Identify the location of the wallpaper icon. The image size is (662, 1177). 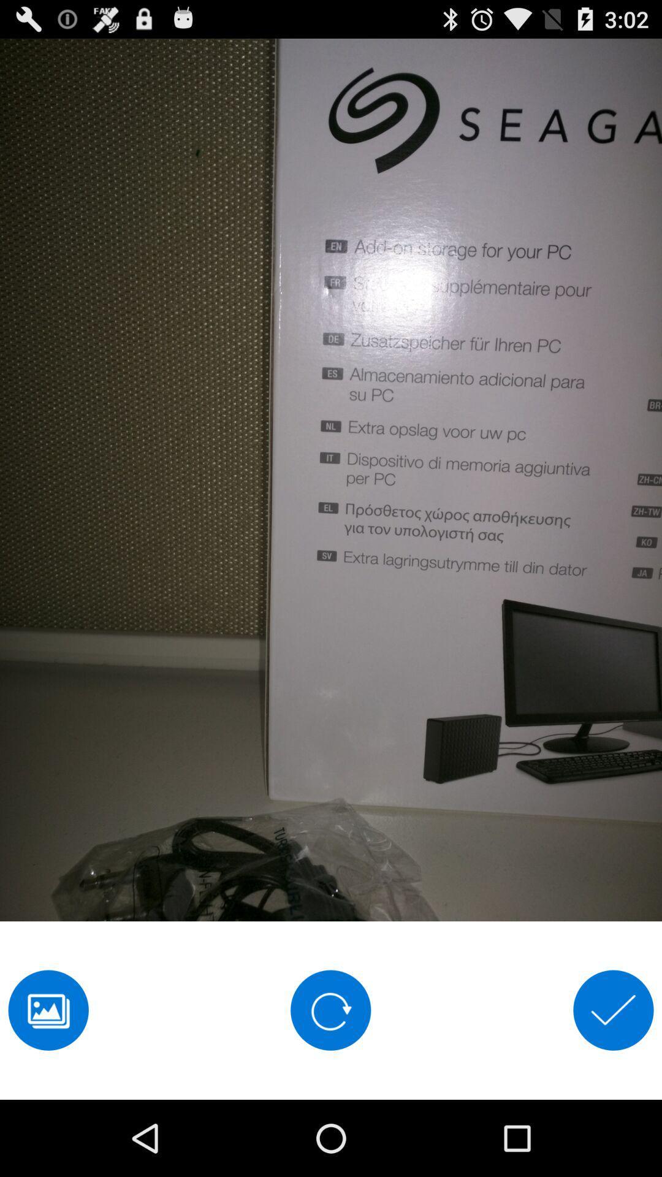
(48, 1081).